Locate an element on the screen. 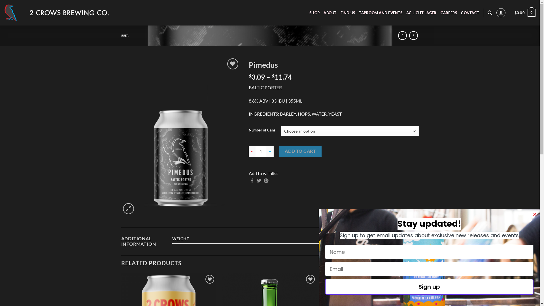 This screenshot has width=544, height=306. 'ADD TO CART' is located at coordinates (300, 151).